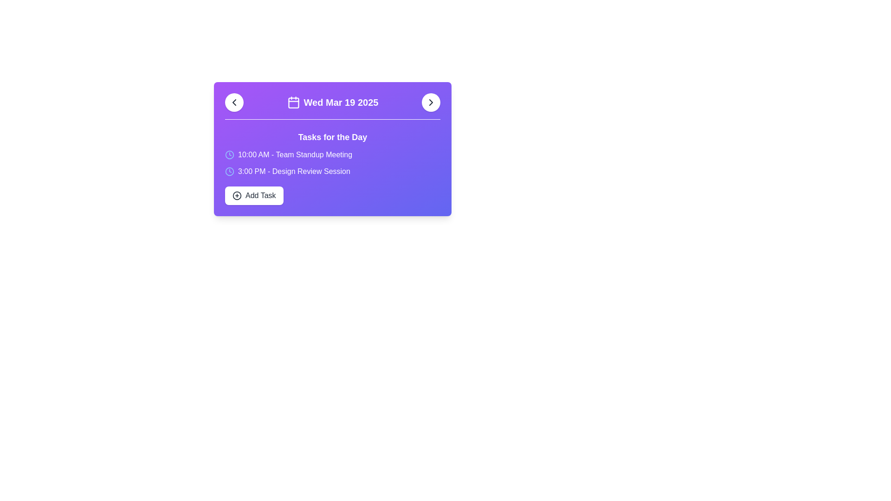  Describe the element at coordinates (431, 102) in the screenshot. I see `the right-facing chevron icon styled in black, located within a circular button on the rightmost edge of a card-like layout` at that location.